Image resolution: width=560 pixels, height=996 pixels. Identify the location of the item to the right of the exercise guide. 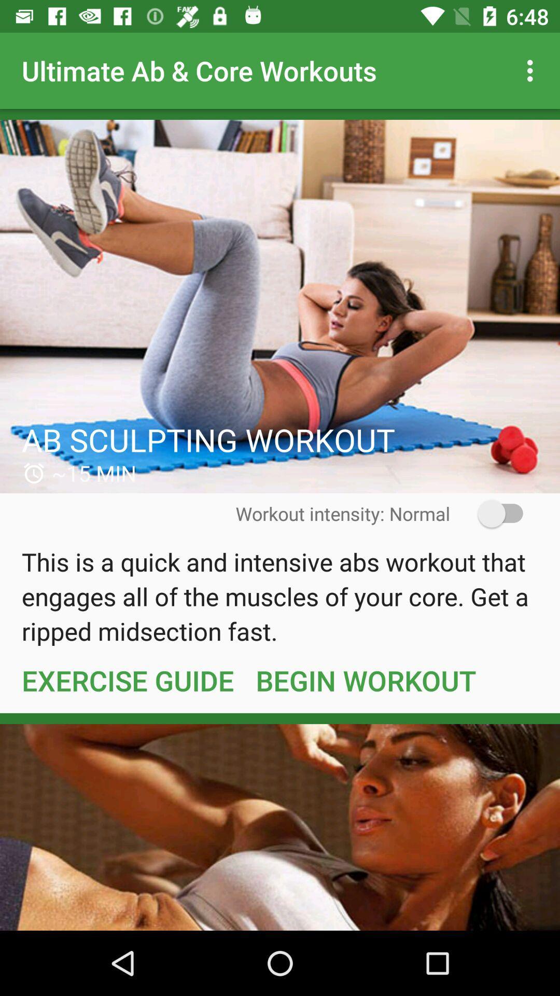
(366, 680).